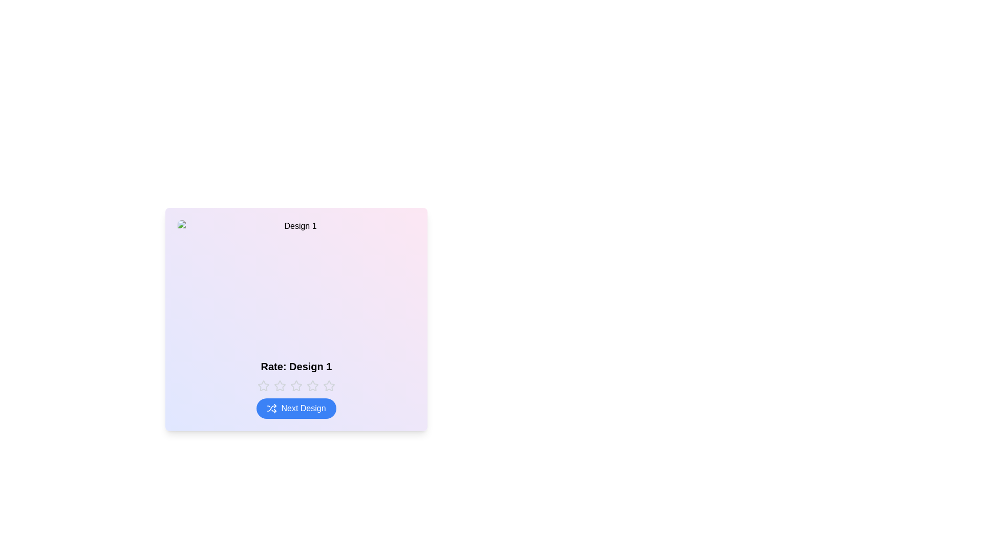 Image resolution: width=983 pixels, height=553 pixels. I want to click on the rating to 1 stars by clicking the corresponding star, so click(263, 386).